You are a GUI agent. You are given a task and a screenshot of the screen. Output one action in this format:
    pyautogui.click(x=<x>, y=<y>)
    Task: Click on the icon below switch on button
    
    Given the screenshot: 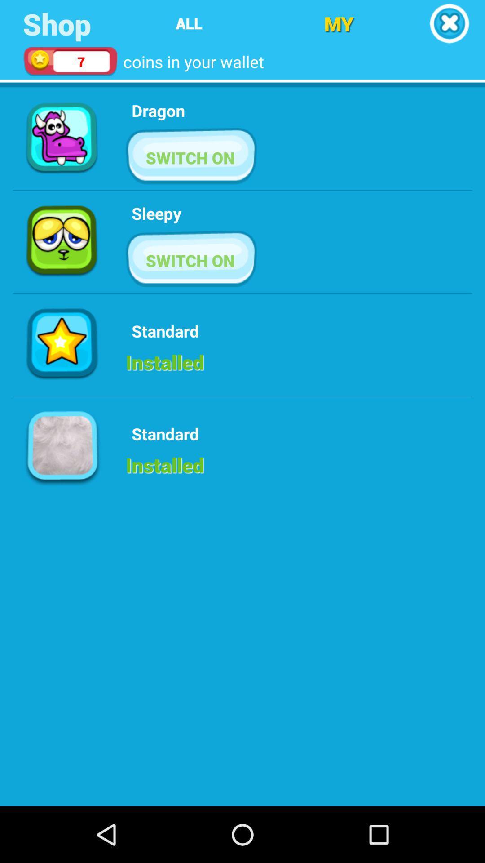 What is the action you would take?
    pyautogui.click(x=156, y=213)
    